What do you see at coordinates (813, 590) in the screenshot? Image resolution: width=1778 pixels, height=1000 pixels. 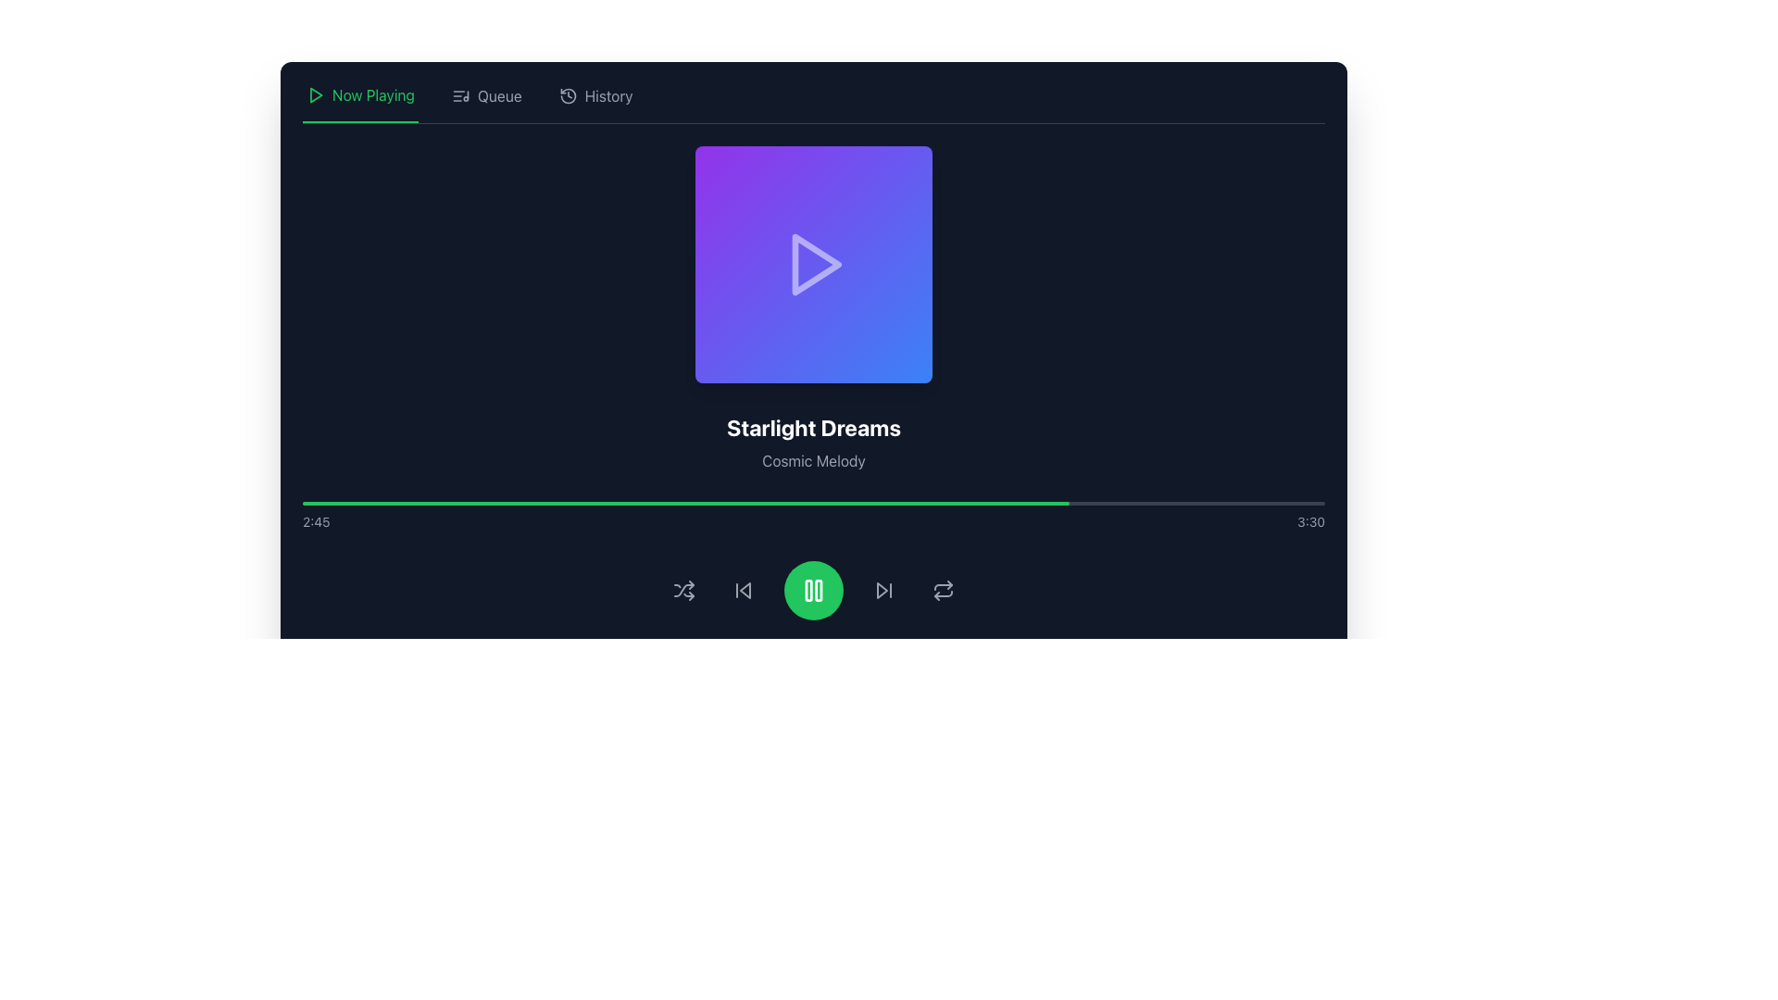 I see `the circular green button located at the bottom of the interface` at bounding box center [813, 590].